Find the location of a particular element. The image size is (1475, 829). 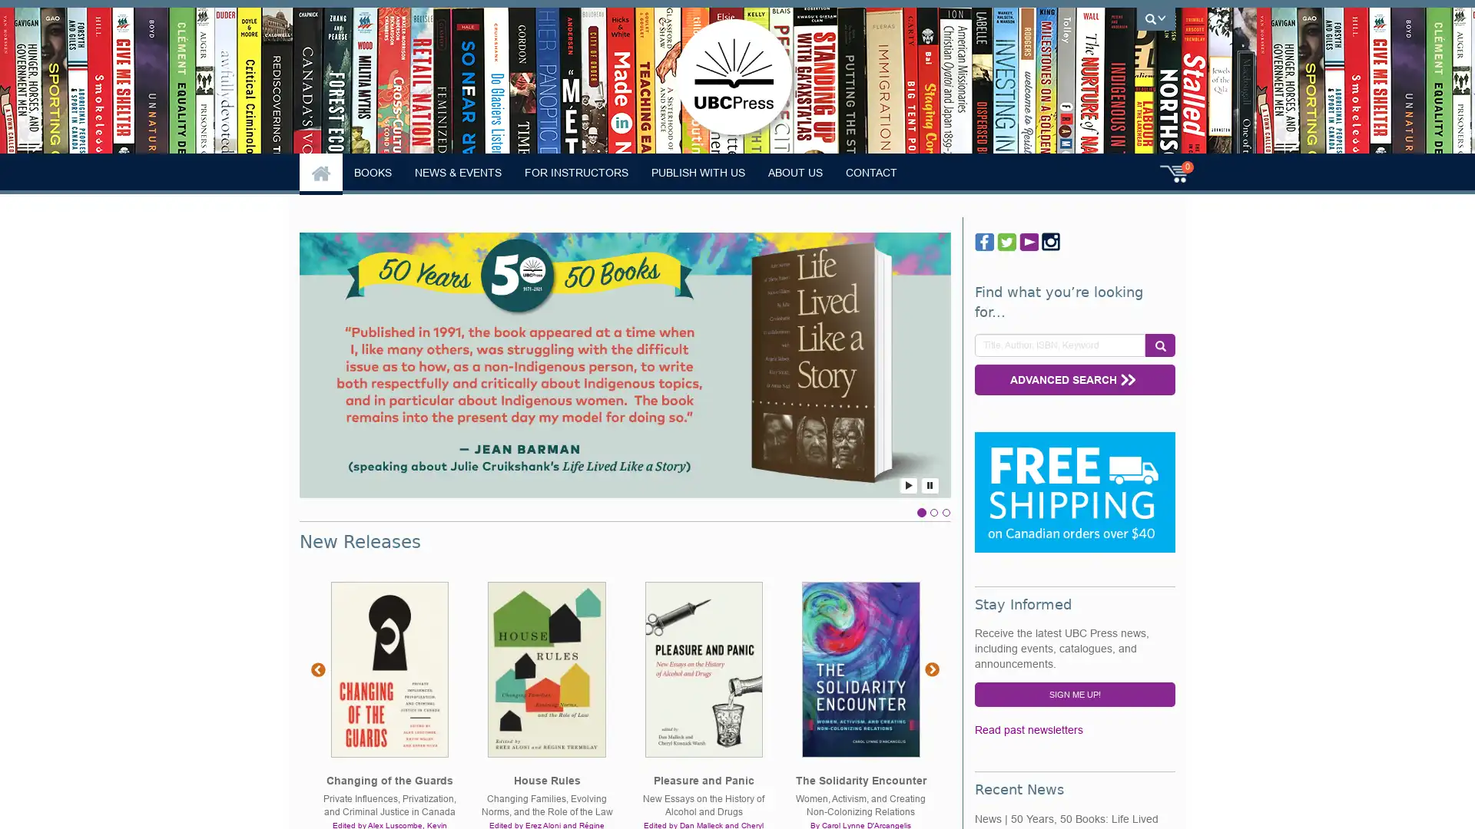

FOR INSTRUCTORS is located at coordinates (575, 172).